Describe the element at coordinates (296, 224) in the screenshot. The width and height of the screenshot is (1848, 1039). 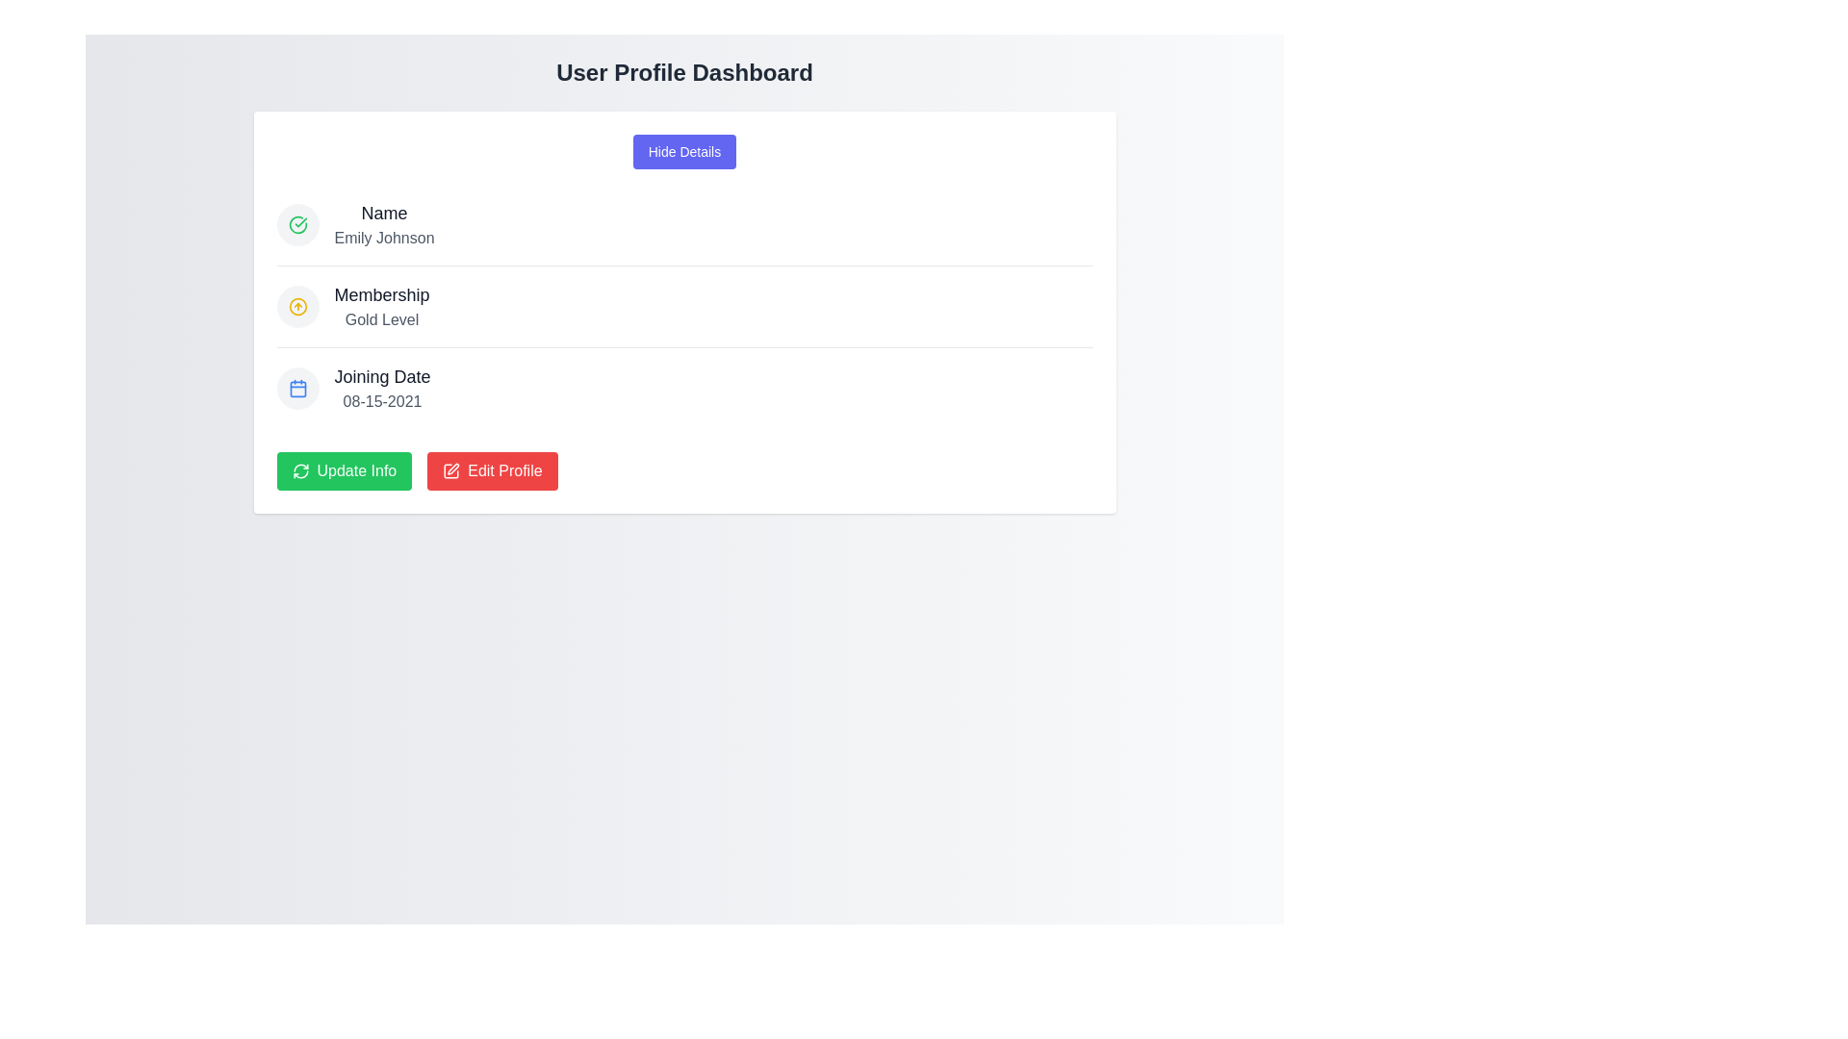
I see `green-bordered circular icon with a checkmark, located to the left of the text 'Name' in the user profile, for information` at that location.